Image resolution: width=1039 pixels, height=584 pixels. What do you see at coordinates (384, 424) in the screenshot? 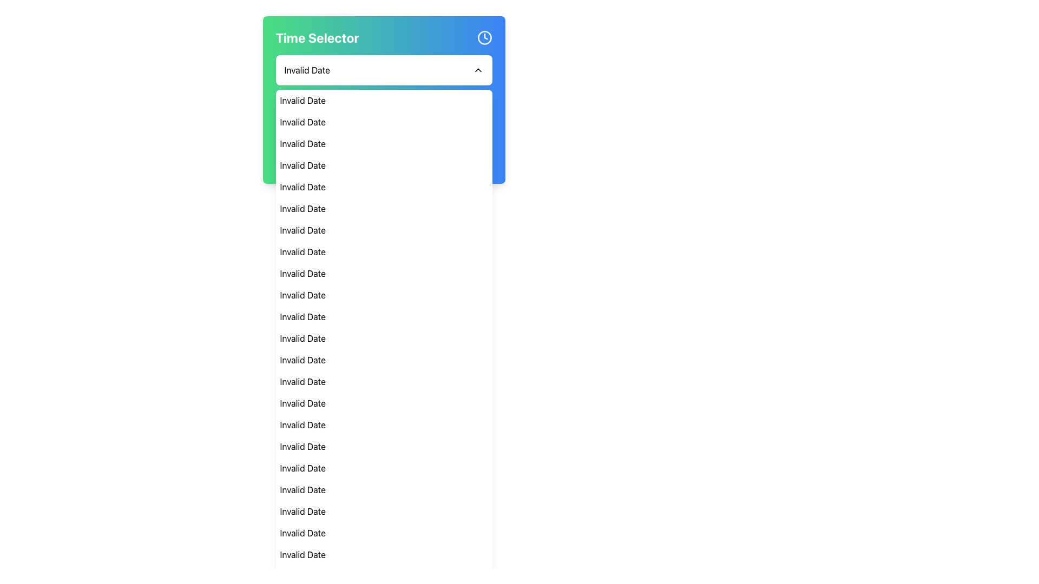
I see `the 16th list item labeled 'Invalid Date'` at bounding box center [384, 424].